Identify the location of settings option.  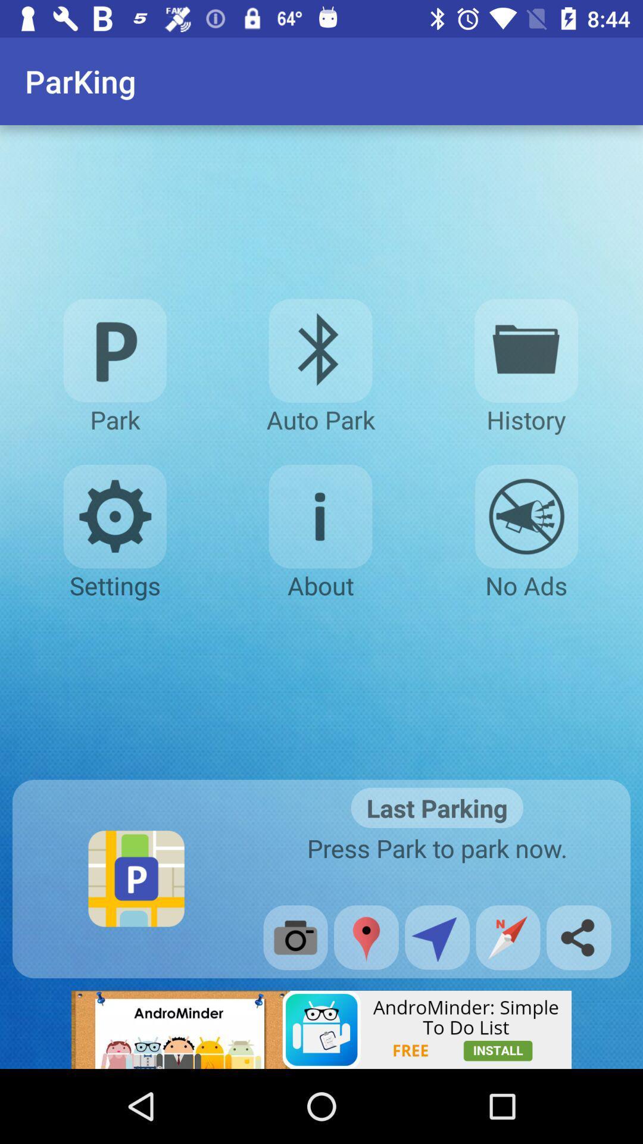
(115, 517).